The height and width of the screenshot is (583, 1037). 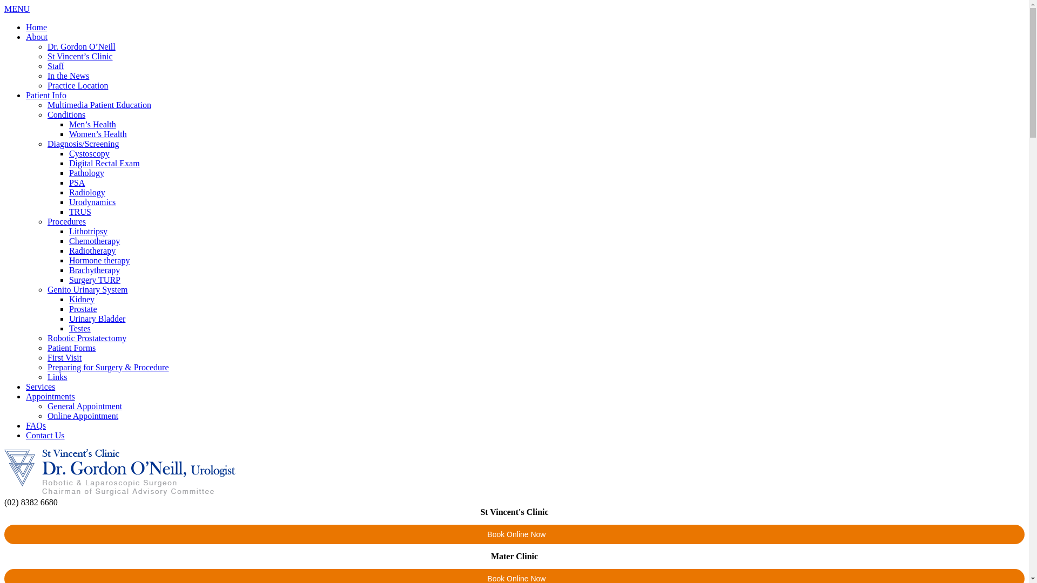 What do you see at coordinates (66, 114) in the screenshot?
I see `'Conditions'` at bounding box center [66, 114].